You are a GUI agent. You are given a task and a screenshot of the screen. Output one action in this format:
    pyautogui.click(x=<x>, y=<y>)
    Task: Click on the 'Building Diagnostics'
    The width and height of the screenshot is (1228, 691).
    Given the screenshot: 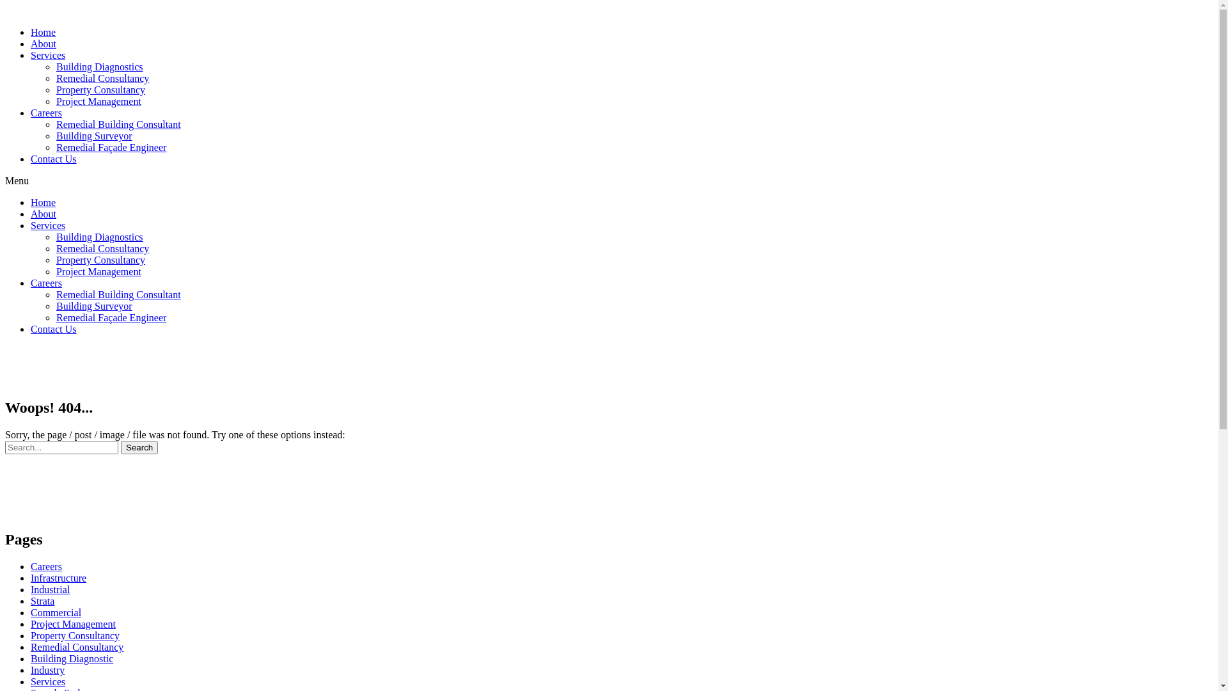 What is the action you would take?
    pyautogui.click(x=55, y=237)
    